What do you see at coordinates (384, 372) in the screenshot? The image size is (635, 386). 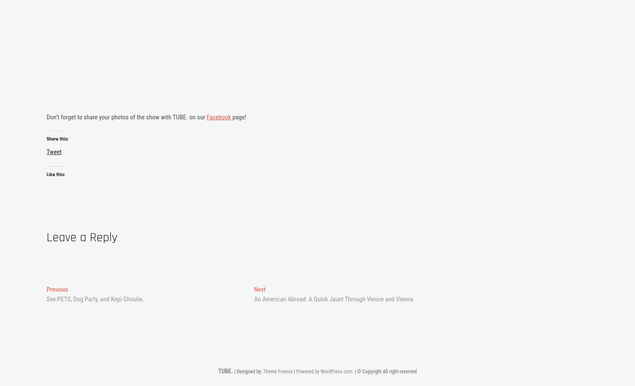 I see `'. | © Copyright All right reserved'` at bounding box center [384, 372].